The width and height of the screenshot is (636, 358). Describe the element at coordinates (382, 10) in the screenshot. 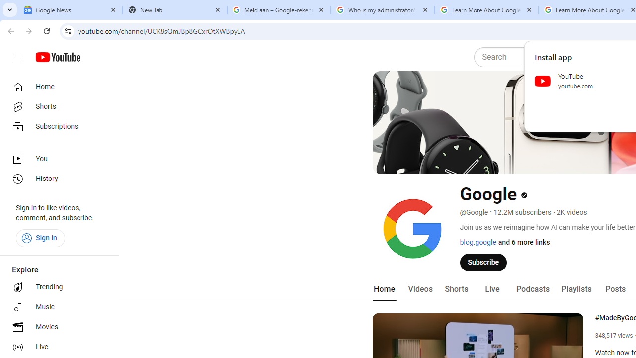

I see `'Who is my administrator? - Google Account Help'` at that location.